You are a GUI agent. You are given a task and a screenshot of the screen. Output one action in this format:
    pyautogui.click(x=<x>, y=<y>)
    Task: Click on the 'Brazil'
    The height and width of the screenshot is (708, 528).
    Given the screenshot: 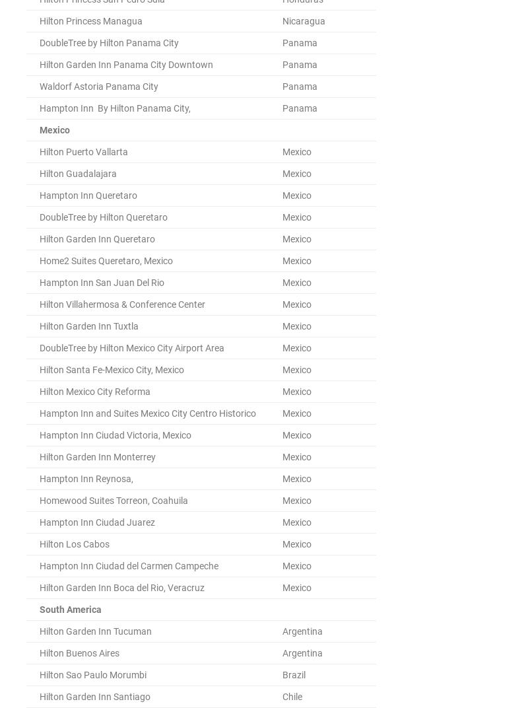 What is the action you would take?
    pyautogui.click(x=282, y=675)
    